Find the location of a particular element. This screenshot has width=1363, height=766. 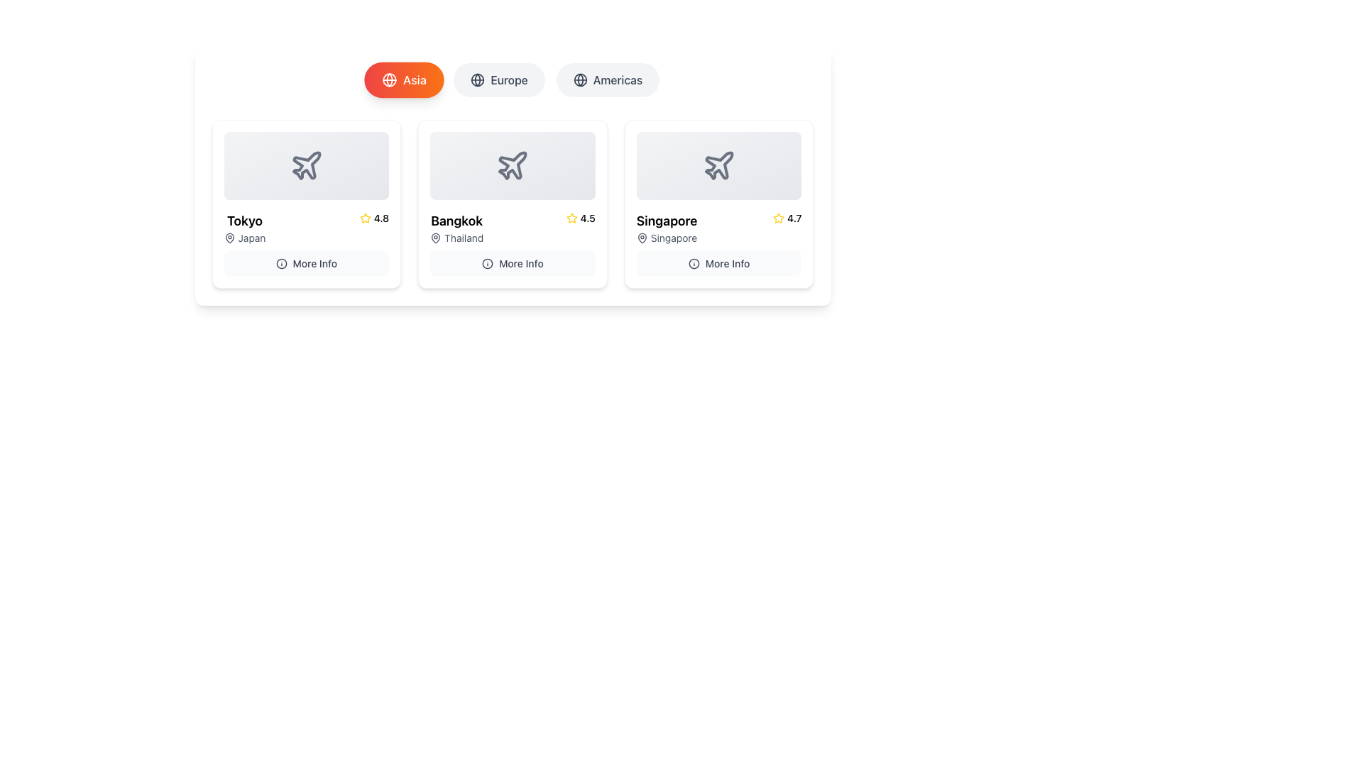

the 'Thailand' text label, which is displayed in a small lightweight gray font below the 'Bangkok' title and next to a location pin icon is located at coordinates (464, 237).